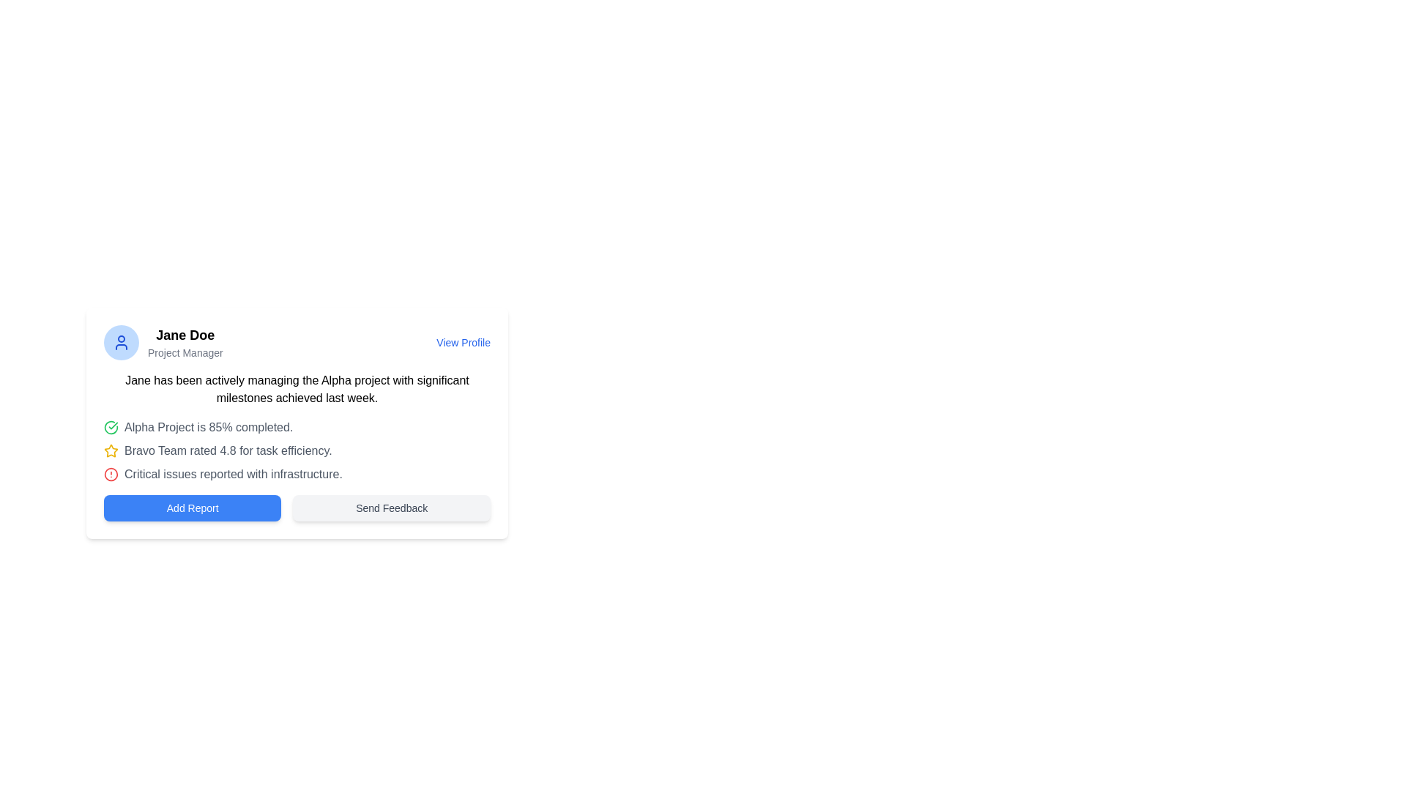 This screenshot has height=791, width=1406. I want to click on the 'Send Feedback' button, which is a rectangular button with rounded corners located in the bottom-right corner of the user information section, to observe the style change, so click(392, 508).